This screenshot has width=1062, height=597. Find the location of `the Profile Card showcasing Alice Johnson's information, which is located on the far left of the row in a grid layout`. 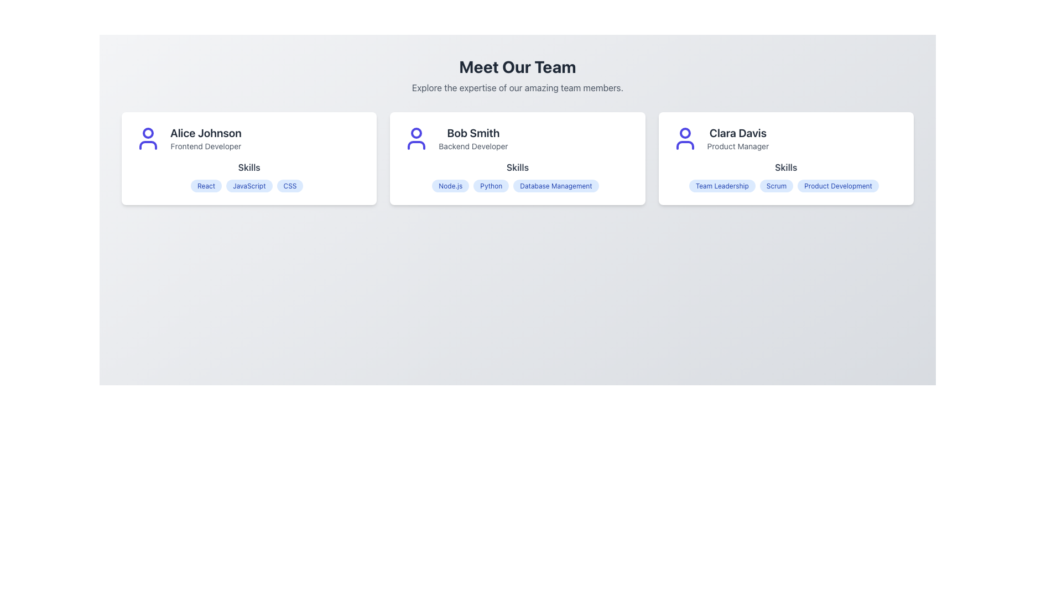

the Profile Card showcasing Alice Johnson's information, which is located on the far left of the row in a grid layout is located at coordinates (248, 158).